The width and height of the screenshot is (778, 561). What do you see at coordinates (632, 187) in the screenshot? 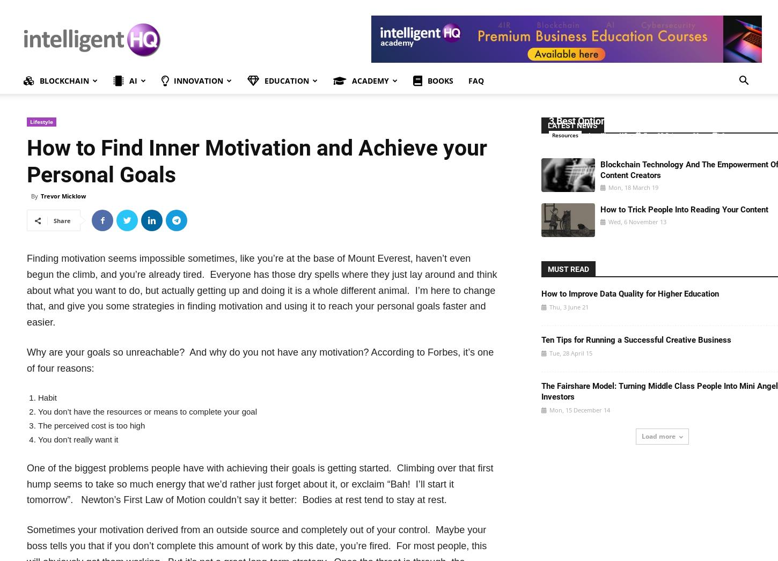
I see `'Mon, 18 March 19'` at bounding box center [632, 187].